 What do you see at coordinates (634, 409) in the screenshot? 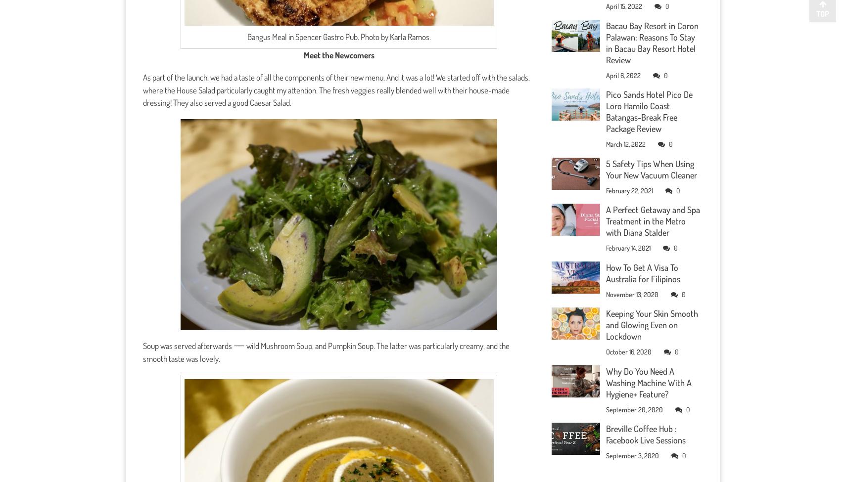
I see `'September 20, 2020'` at bounding box center [634, 409].